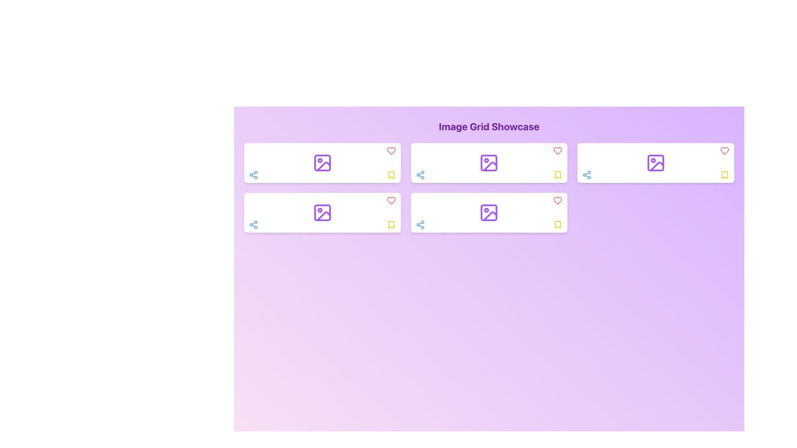 This screenshot has height=448, width=797. I want to click on the purple image icon with a modern aesthetic, located in the second row and third column of the grid layout, so click(489, 212).